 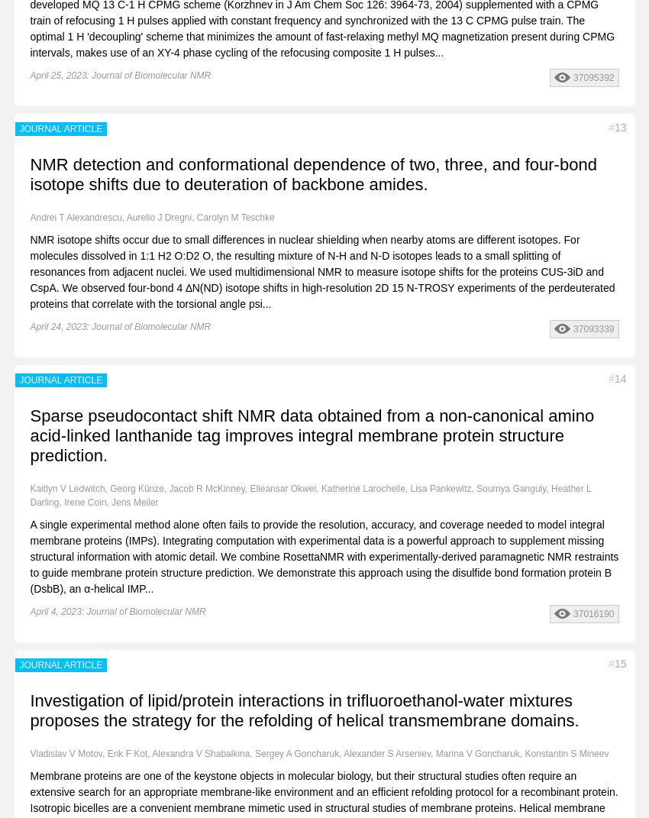 What do you see at coordinates (592, 328) in the screenshot?
I see `'37093339'` at bounding box center [592, 328].